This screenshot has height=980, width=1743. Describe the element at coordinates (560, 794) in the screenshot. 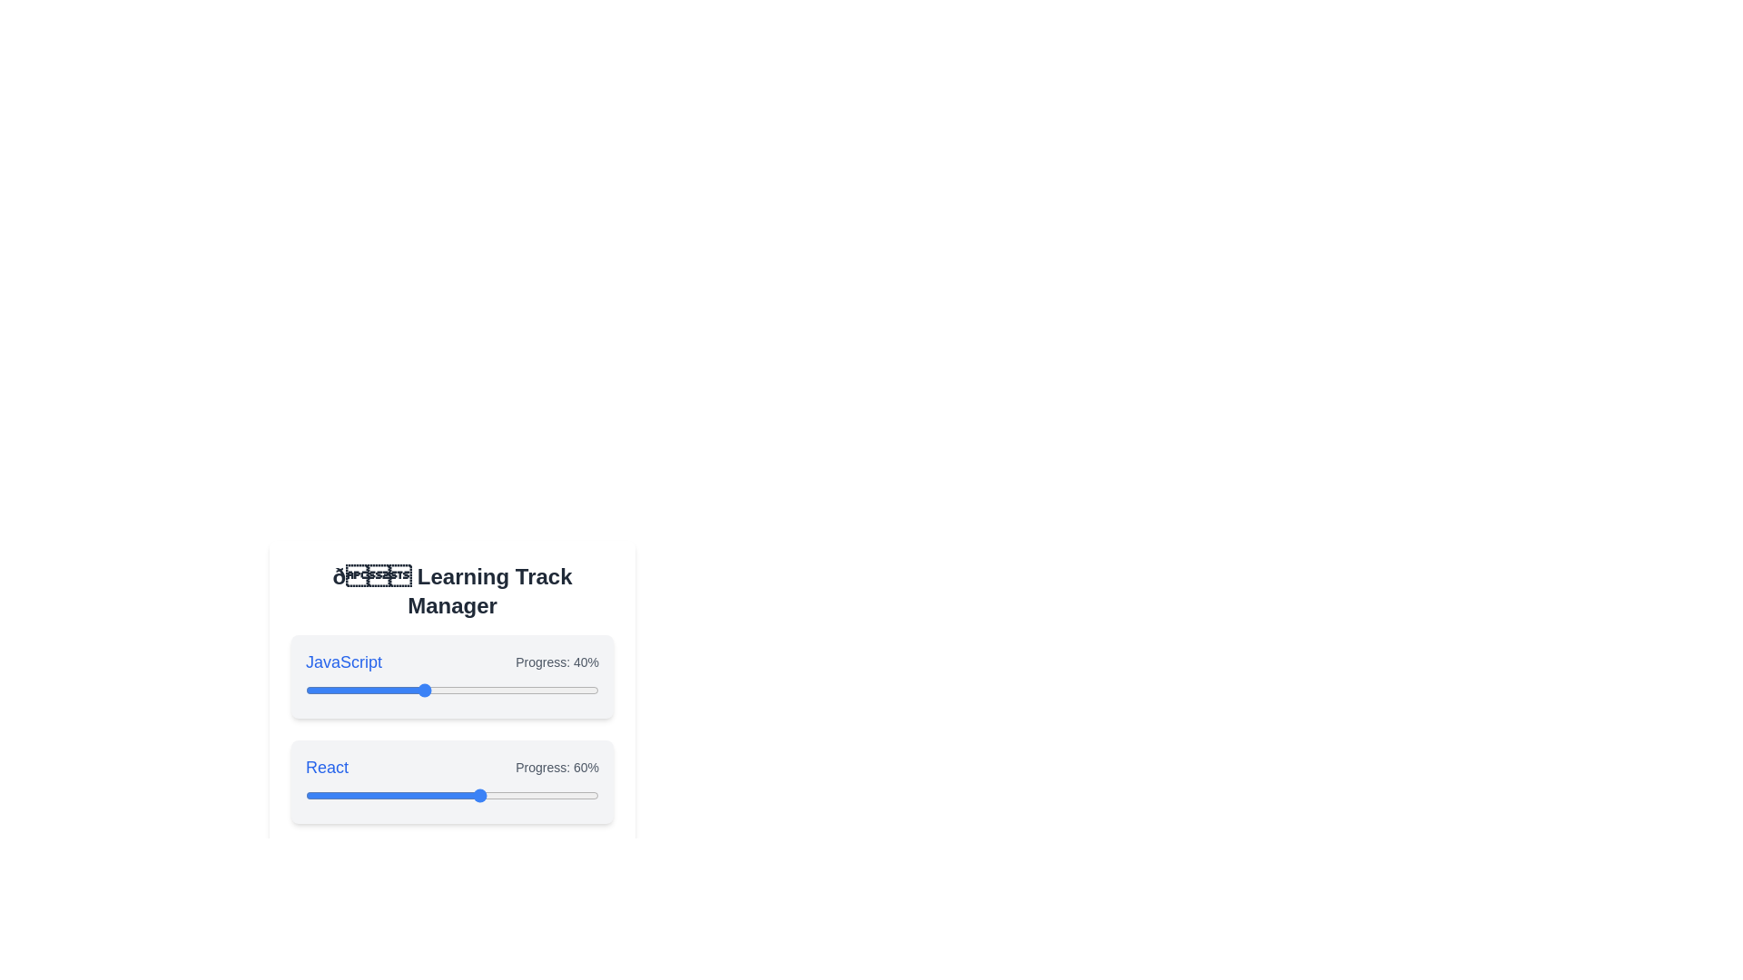

I see `the progress value` at that location.